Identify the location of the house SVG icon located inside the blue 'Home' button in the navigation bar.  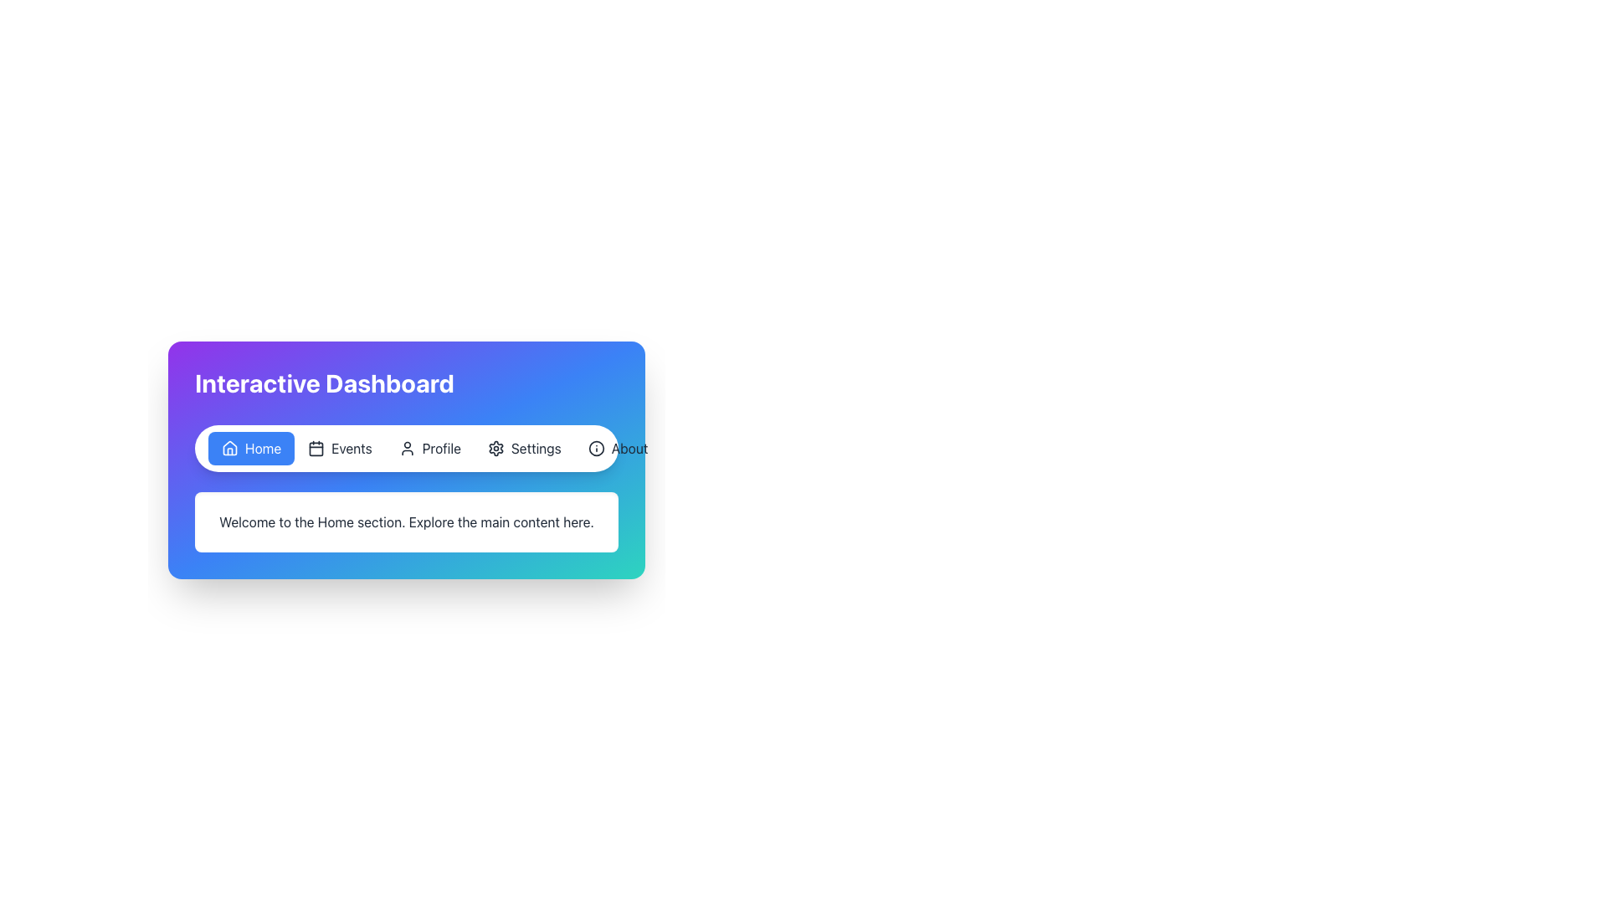
(228, 448).